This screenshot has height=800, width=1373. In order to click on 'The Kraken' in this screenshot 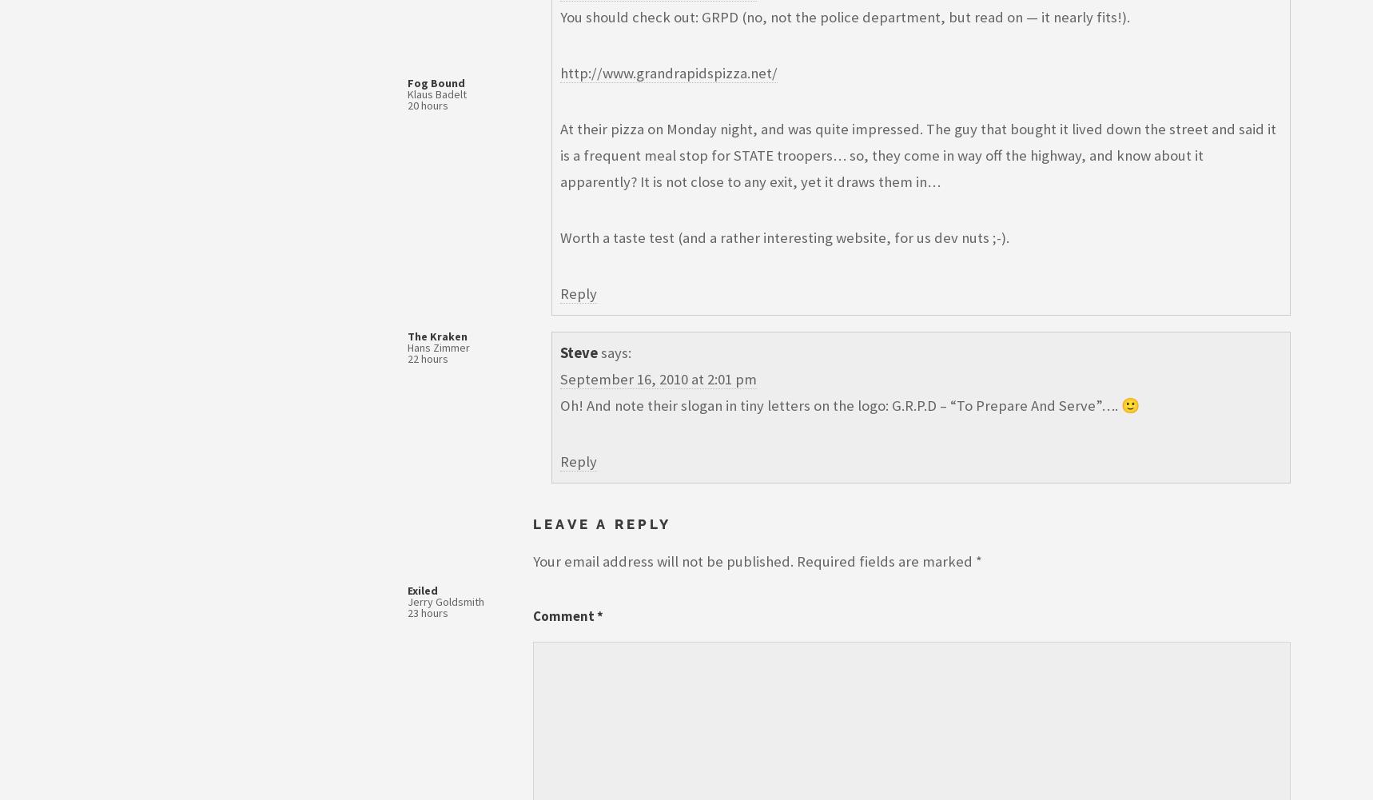, I will do `click(408, 336)`.